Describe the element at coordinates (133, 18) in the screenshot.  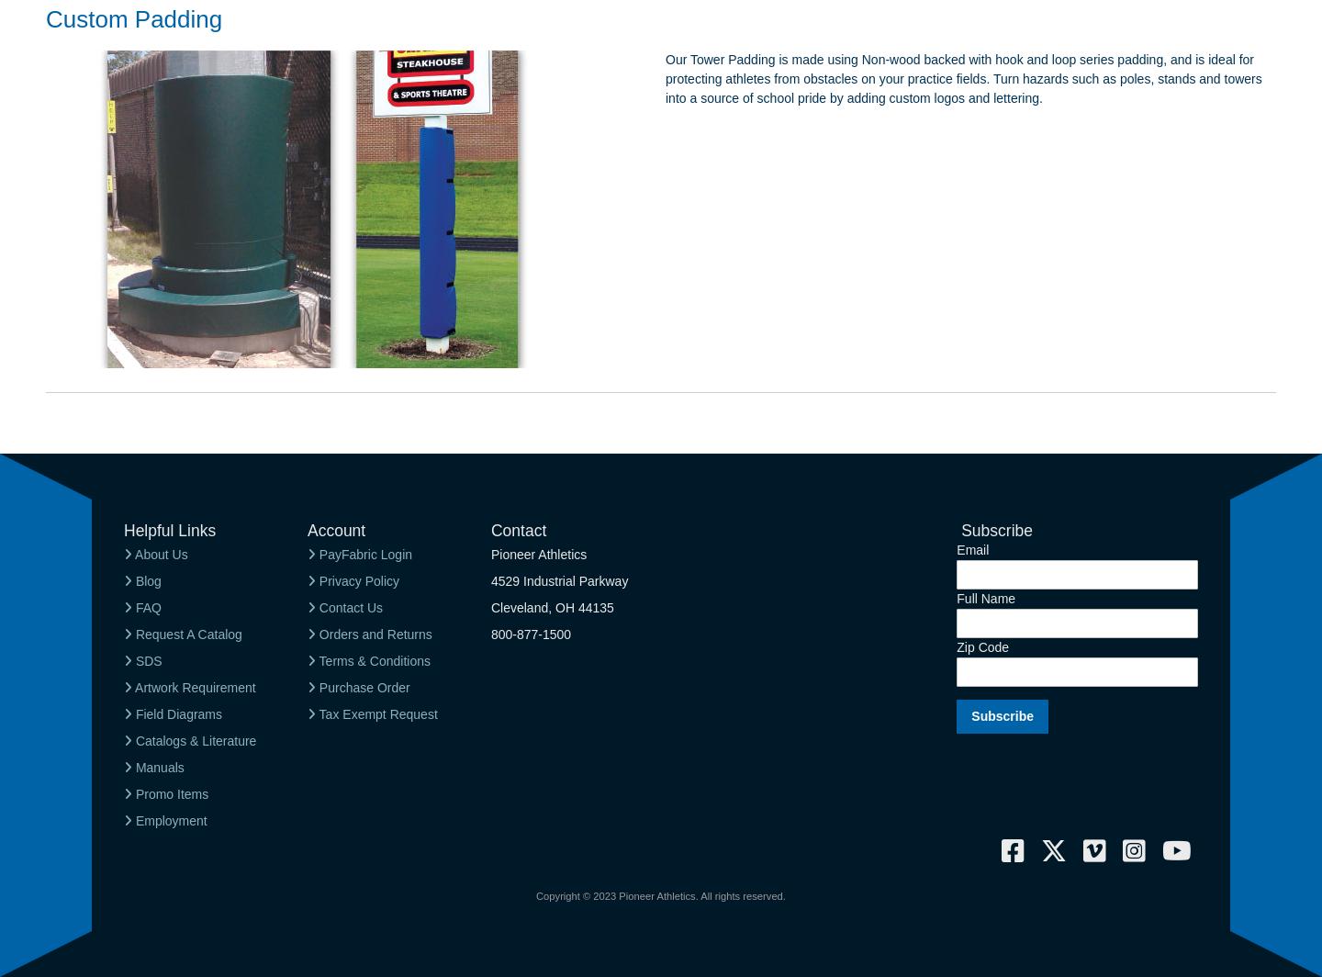
I see `'Custom Padding'` at that location.